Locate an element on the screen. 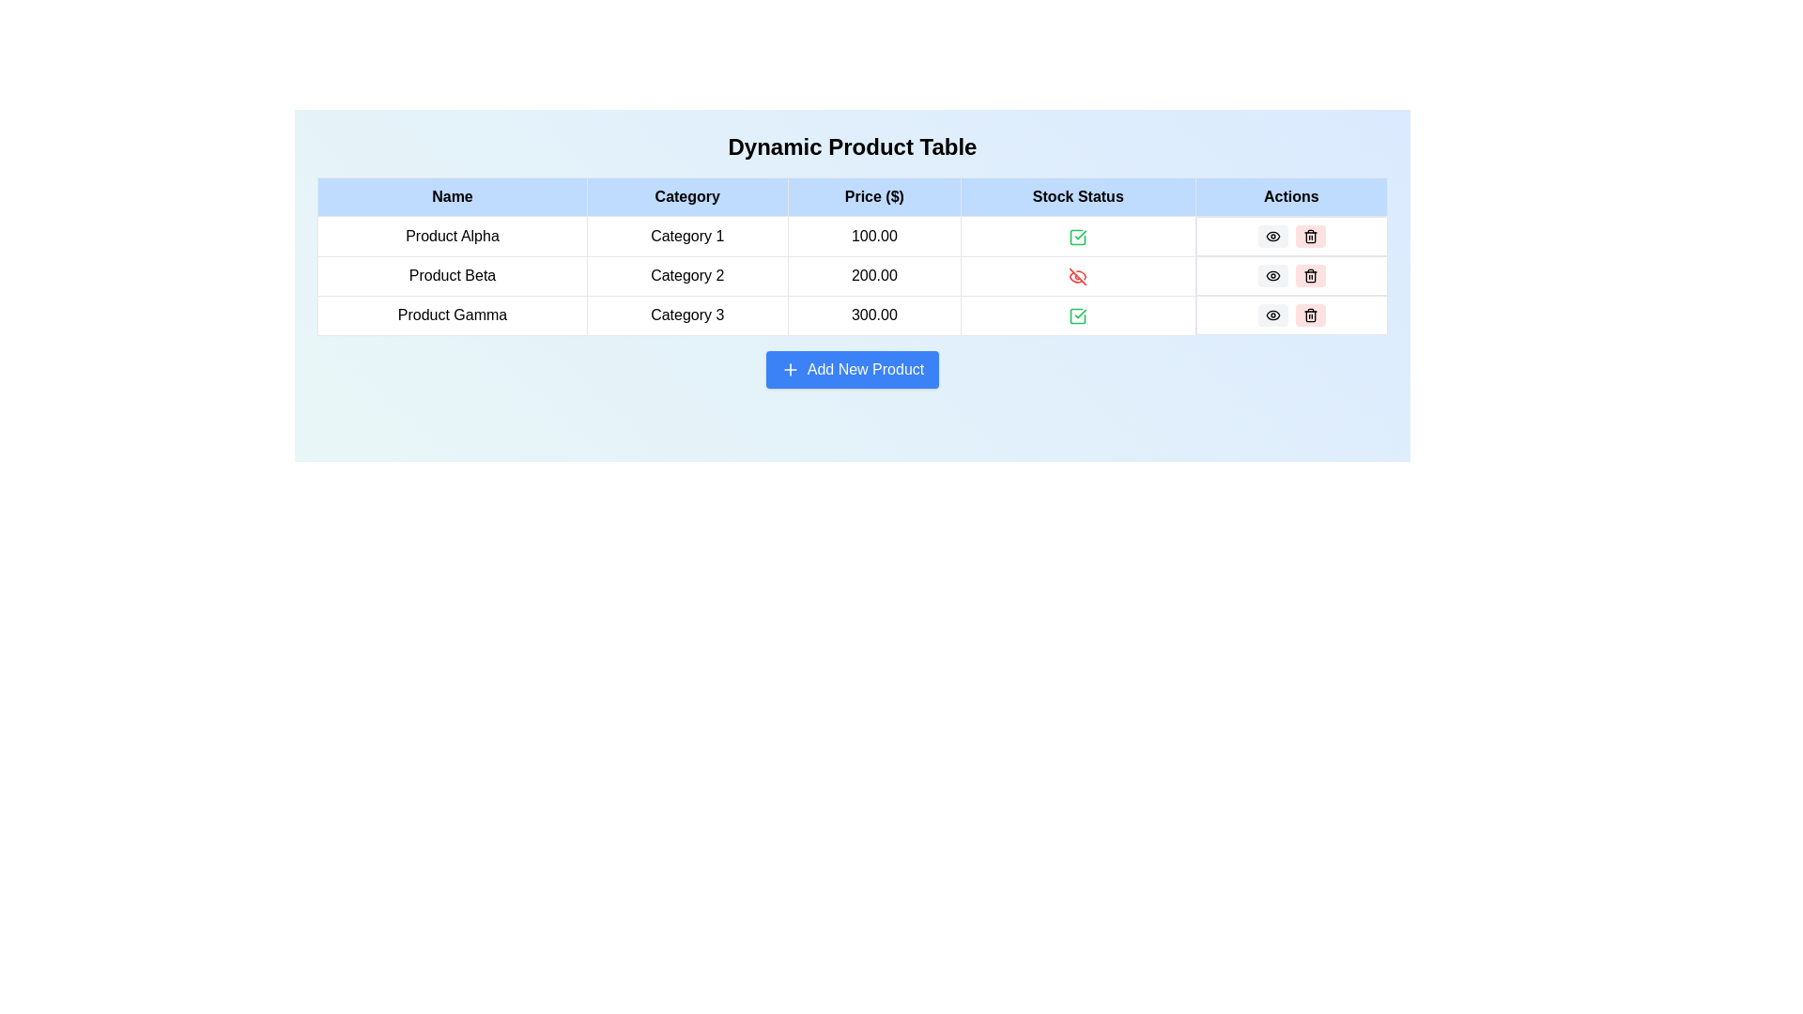  the table header cell that labels the category information, positioned as the second column header in the table, located between the 'Name' and 'Price ($)' column headers is located at coordinates (686, 196).